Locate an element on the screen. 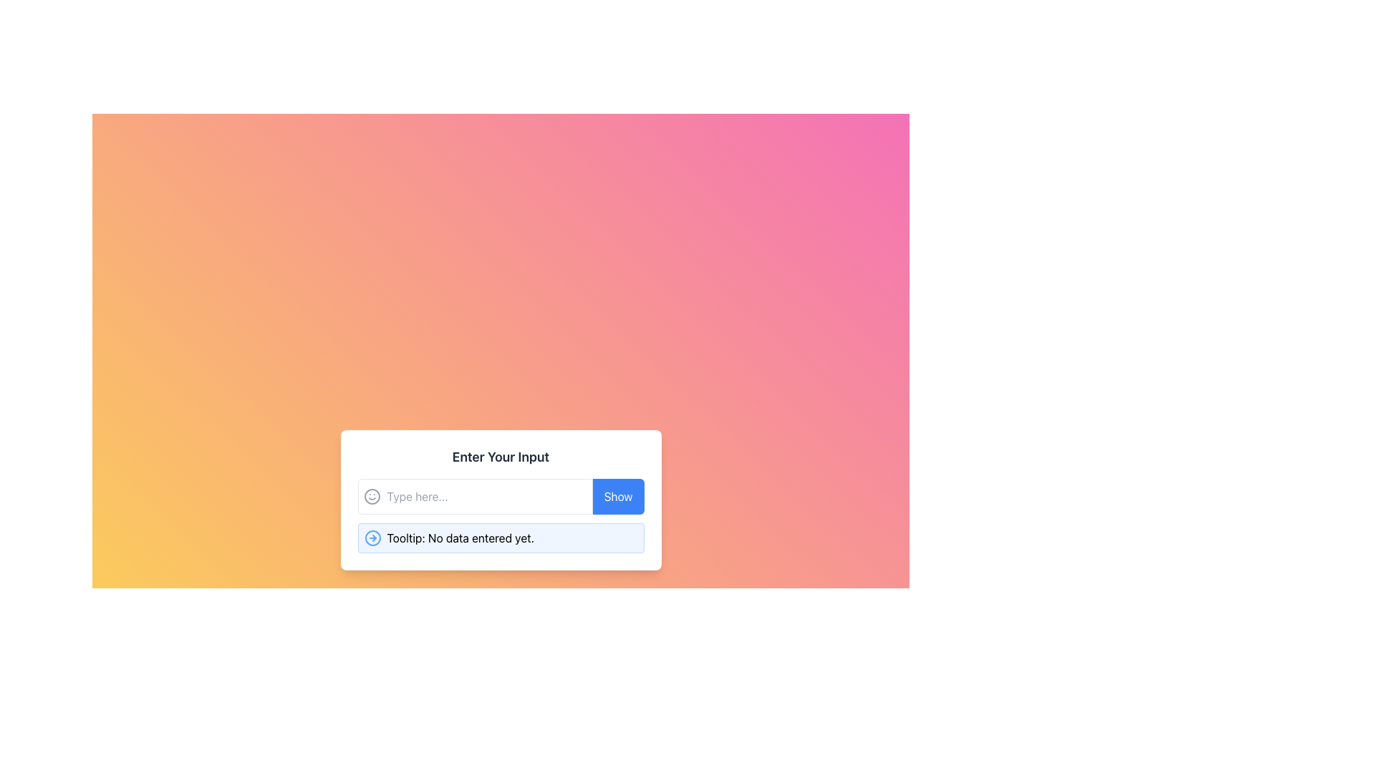 The width and height of the screenshot is (1375, 773). the decorative SVG Circle Element located directly to the left of the input text field labeled 'Type here...' is located at coordinates (372, 496).